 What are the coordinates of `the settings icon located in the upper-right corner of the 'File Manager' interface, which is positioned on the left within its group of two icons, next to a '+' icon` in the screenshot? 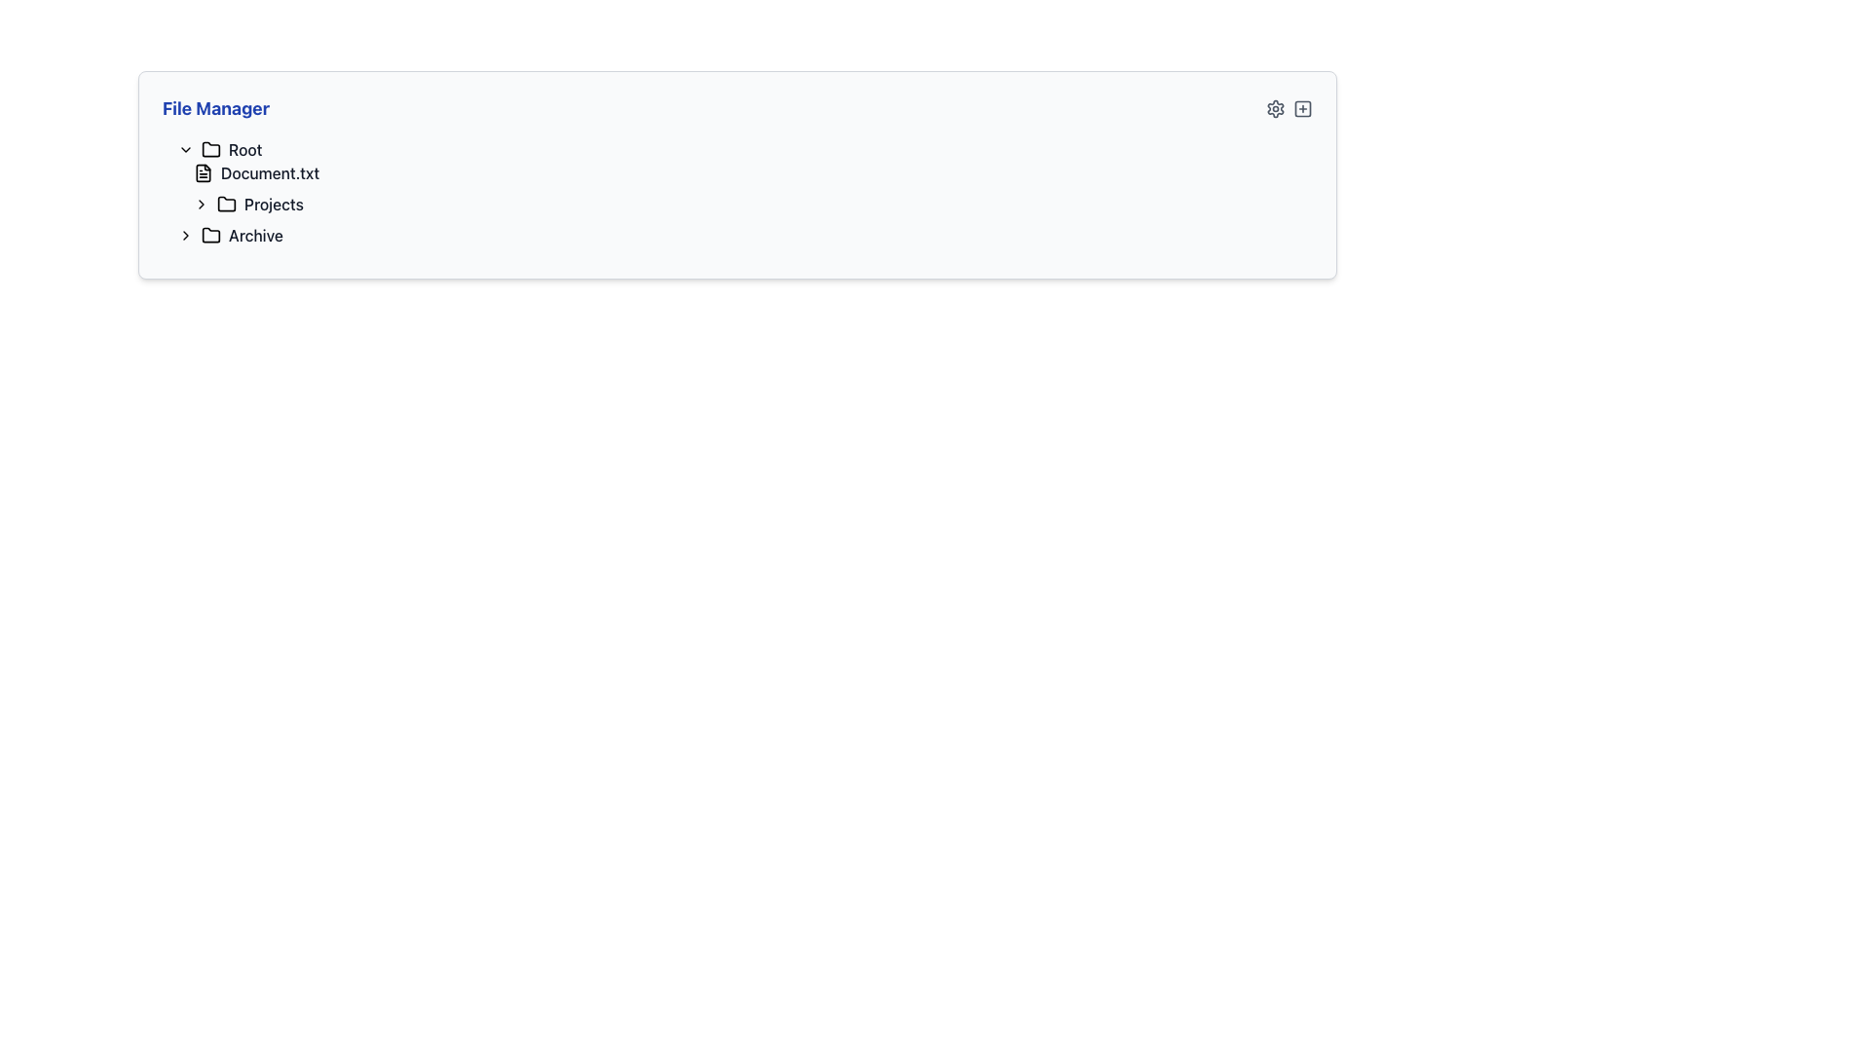 It's located at (1276, 108).